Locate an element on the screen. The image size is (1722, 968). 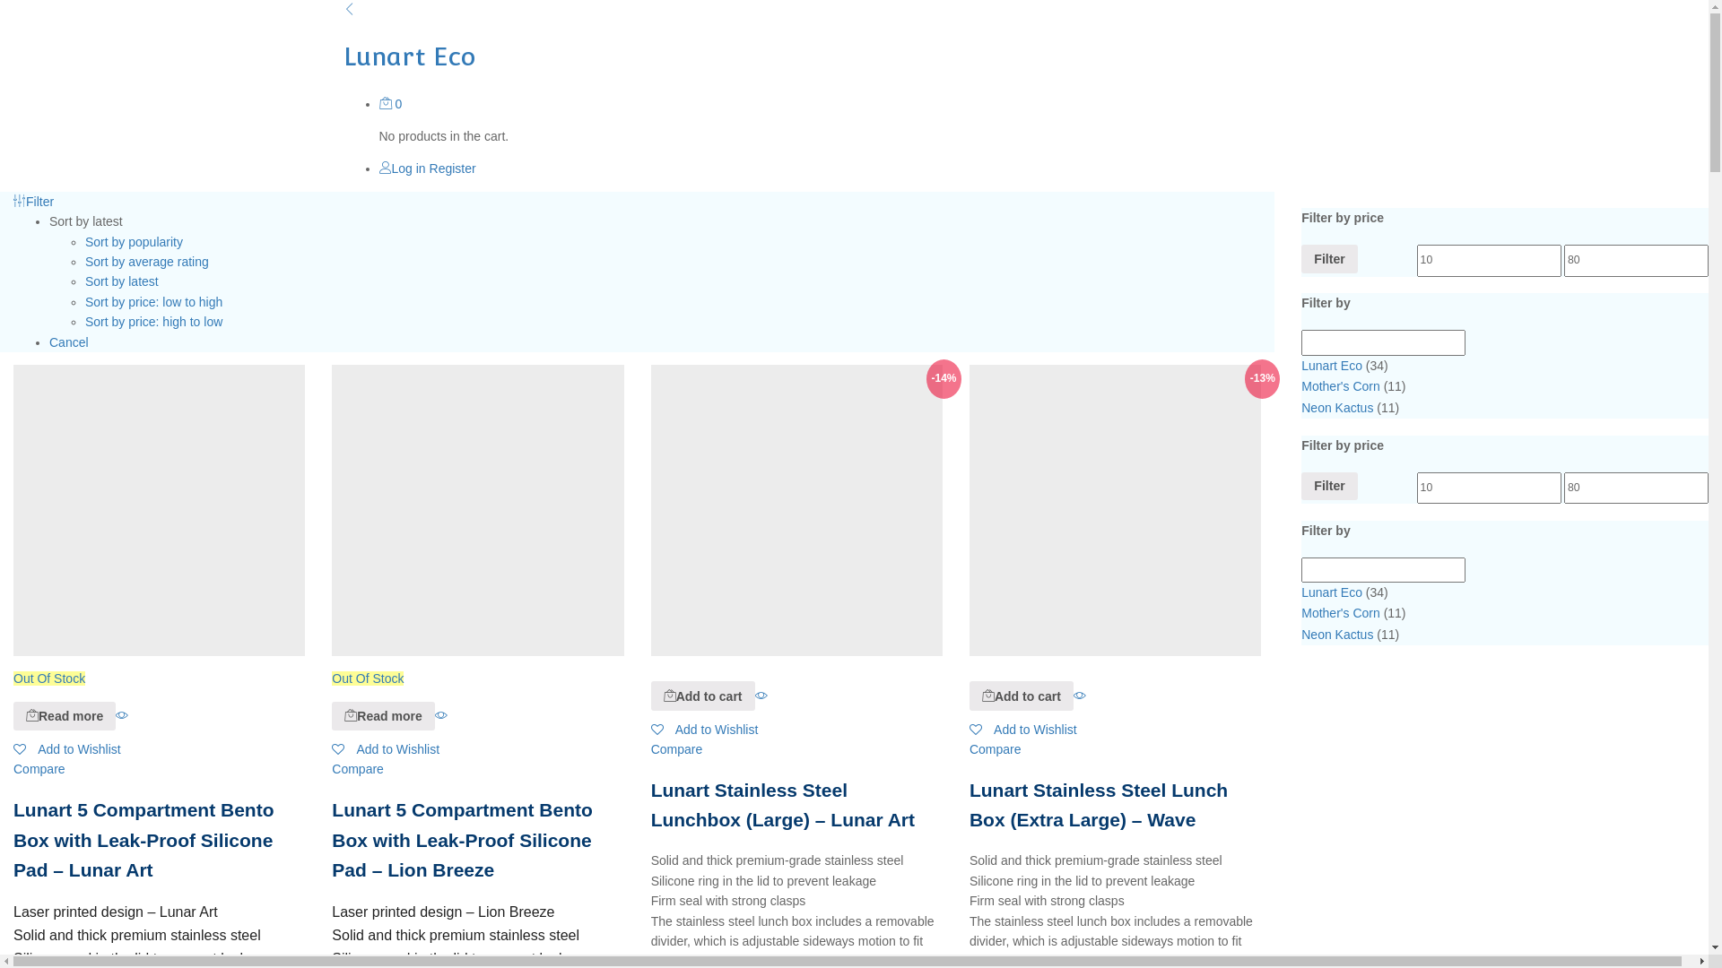
'Register' is located at coordinates (452, 169).